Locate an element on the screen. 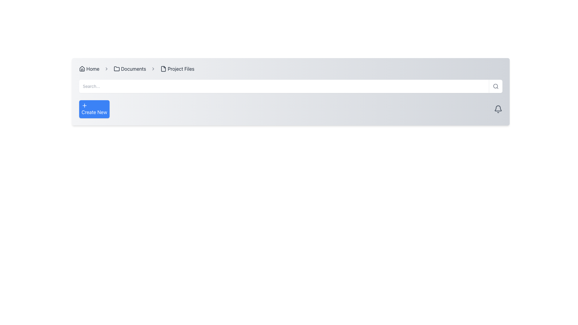 This screenshot has width=578, height=325. the bell-shaped notification icon located at the far right end of the horizontal navigation bar is located at coordinates (498, 109).